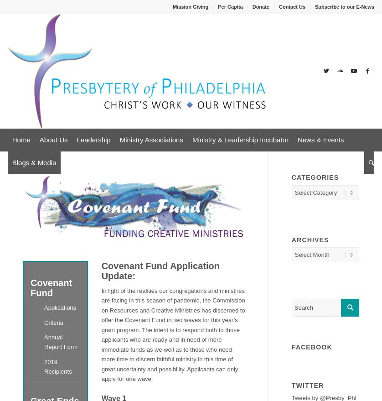 The height and width of the screenshot is (401, 382). What do you see at coordinates (79, 214) in the screenshot?
I see `'Committees'` at bounding box center [79, 214].